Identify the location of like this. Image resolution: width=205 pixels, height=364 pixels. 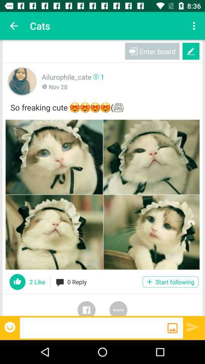
(17, 281).